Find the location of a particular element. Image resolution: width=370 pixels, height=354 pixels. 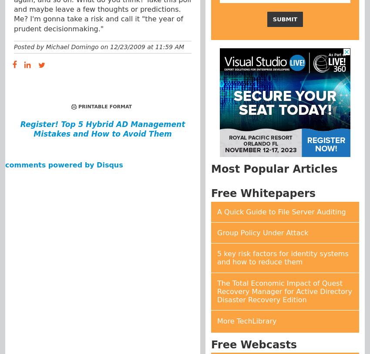

'at' is located at coordinates (149, 46).